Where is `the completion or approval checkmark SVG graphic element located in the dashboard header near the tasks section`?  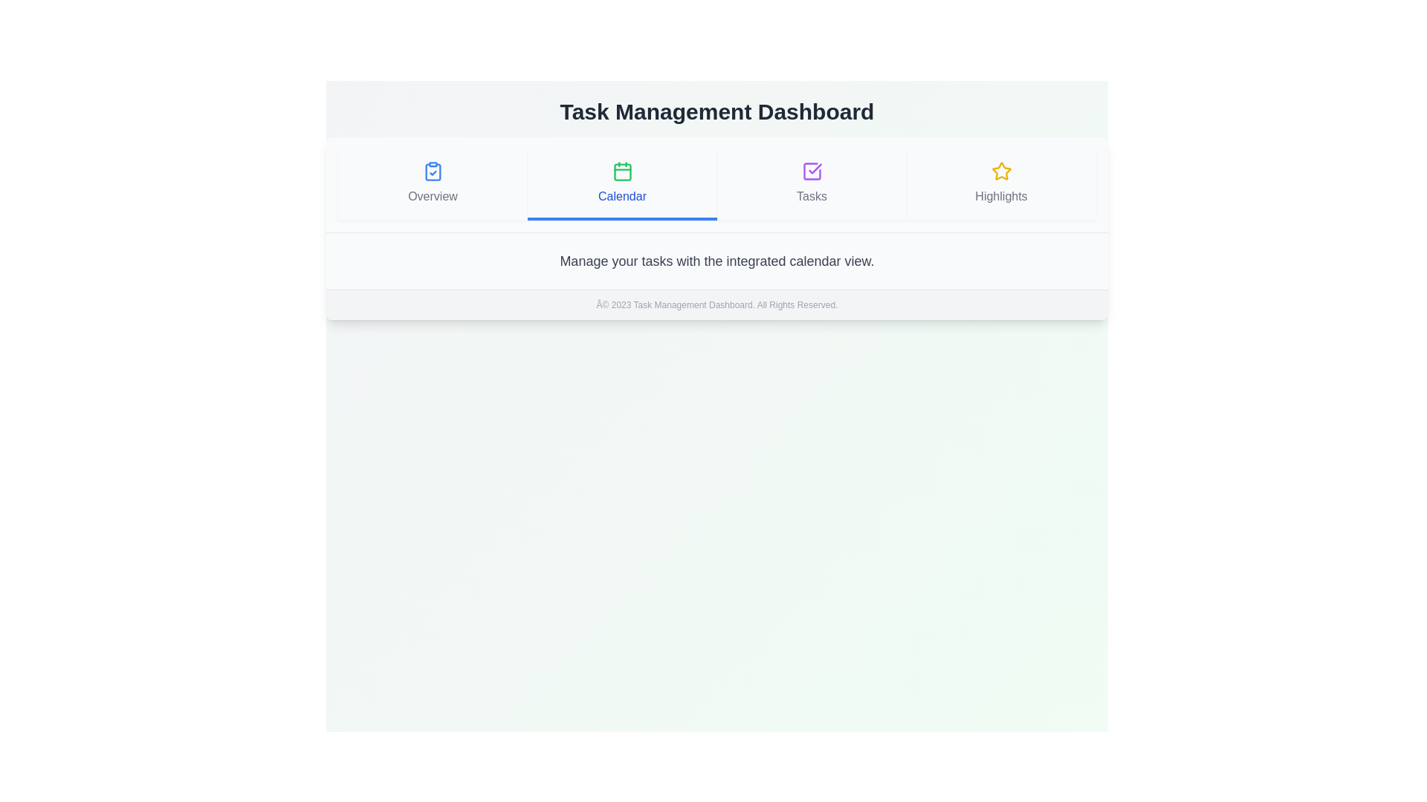
the completion or approval checkmark SVG graphic element located in the dashboard header near the tasks section is located at coordinates (814, 168).